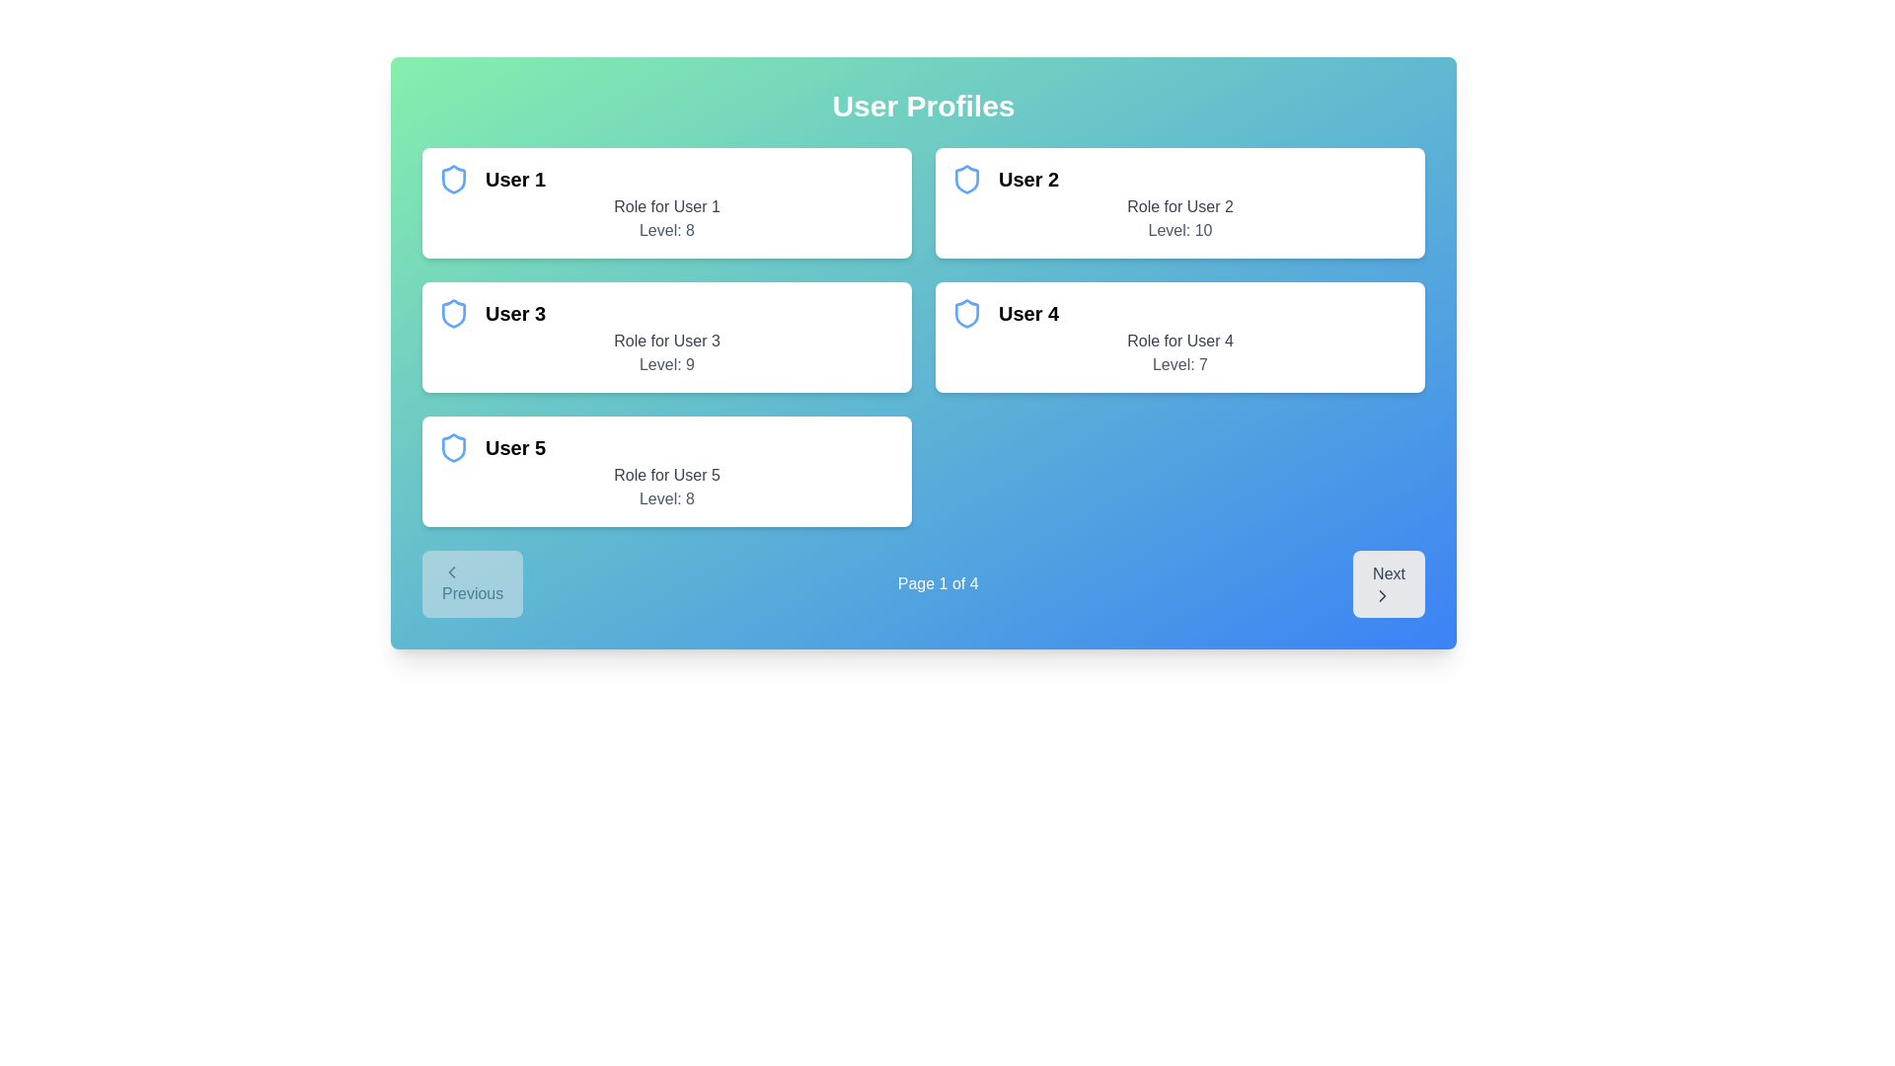  What do you see at coordinates (1179, 230) in the screenshot?
I see `the static text label that reads 'Level: 10' within the profile card for 'User 2' to read its content` at bounding box center [1179, 230].